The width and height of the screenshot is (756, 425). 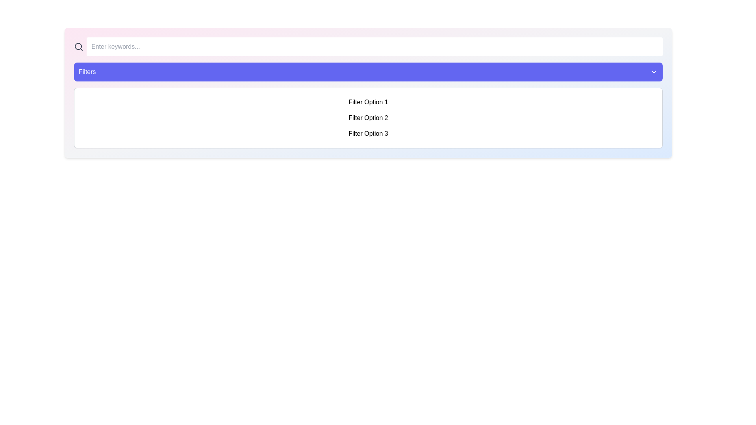 What do you see at coordinates (654, 72) in the screenshot?
I see `the icon next to the 'Filters' button` at bounding box center [654, 72].